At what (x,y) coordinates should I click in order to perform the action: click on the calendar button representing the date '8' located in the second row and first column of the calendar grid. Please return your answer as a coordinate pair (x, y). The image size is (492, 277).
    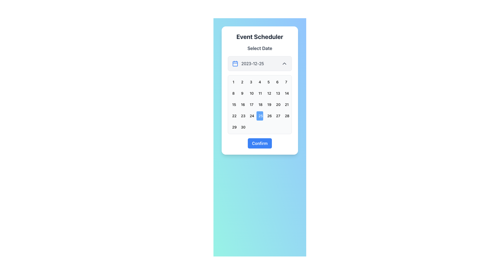
    Looking at the image, I should click on (233, 93).